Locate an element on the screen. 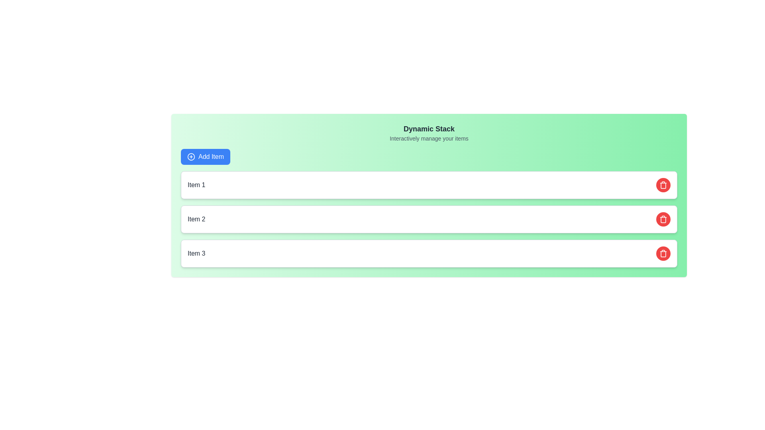  the circular red button with a trash can icon located at the far-right side of the 'Item 3' card is located at coordinates (663, 253).